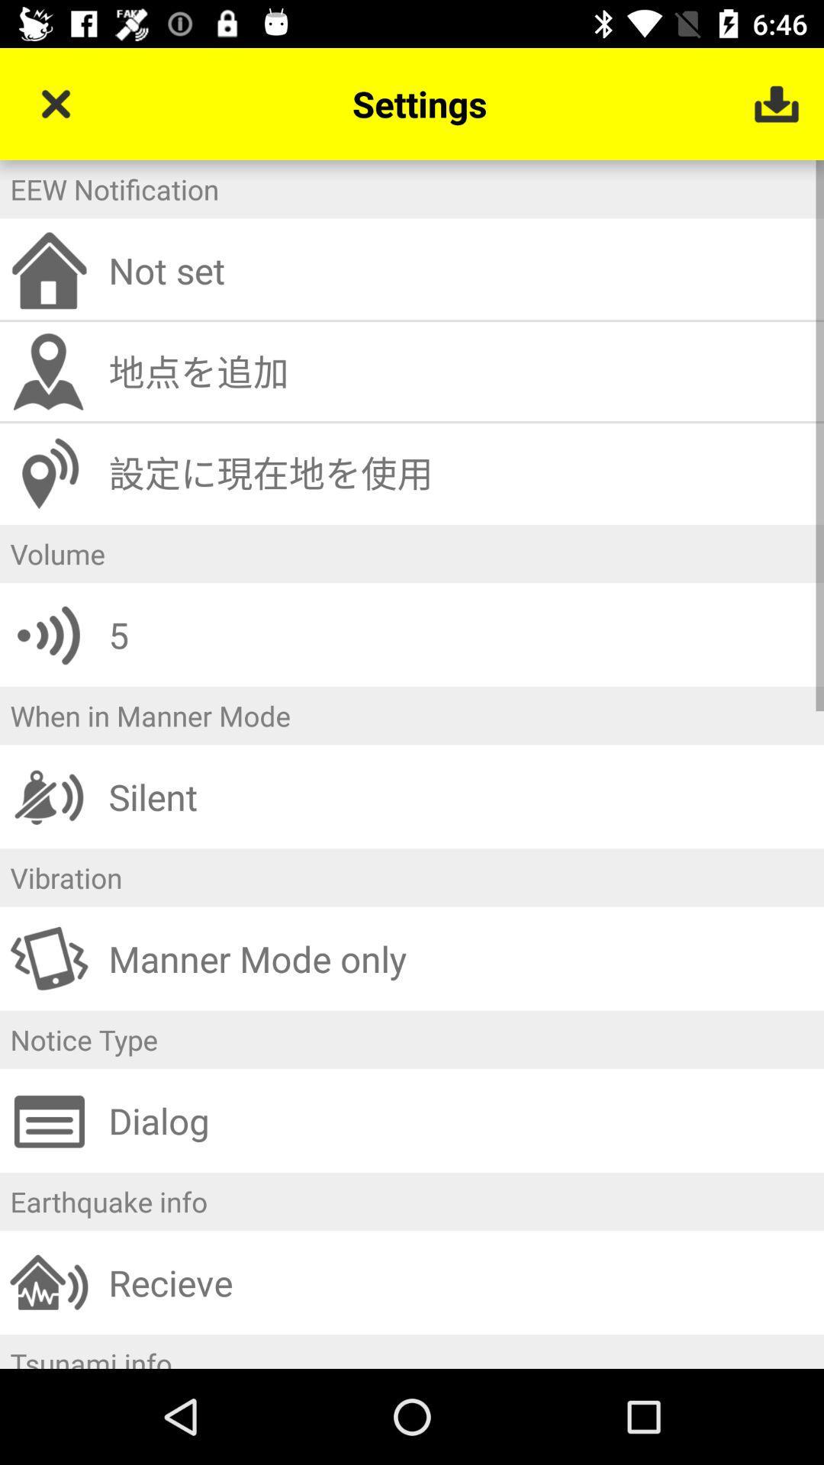  I want to click on not set, so click(460, 270).